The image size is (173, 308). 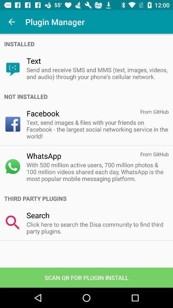 What do you see at coordinates (86, 277) in the screenshot?
I see `the scan qr for` at bounding box center [86, 277].